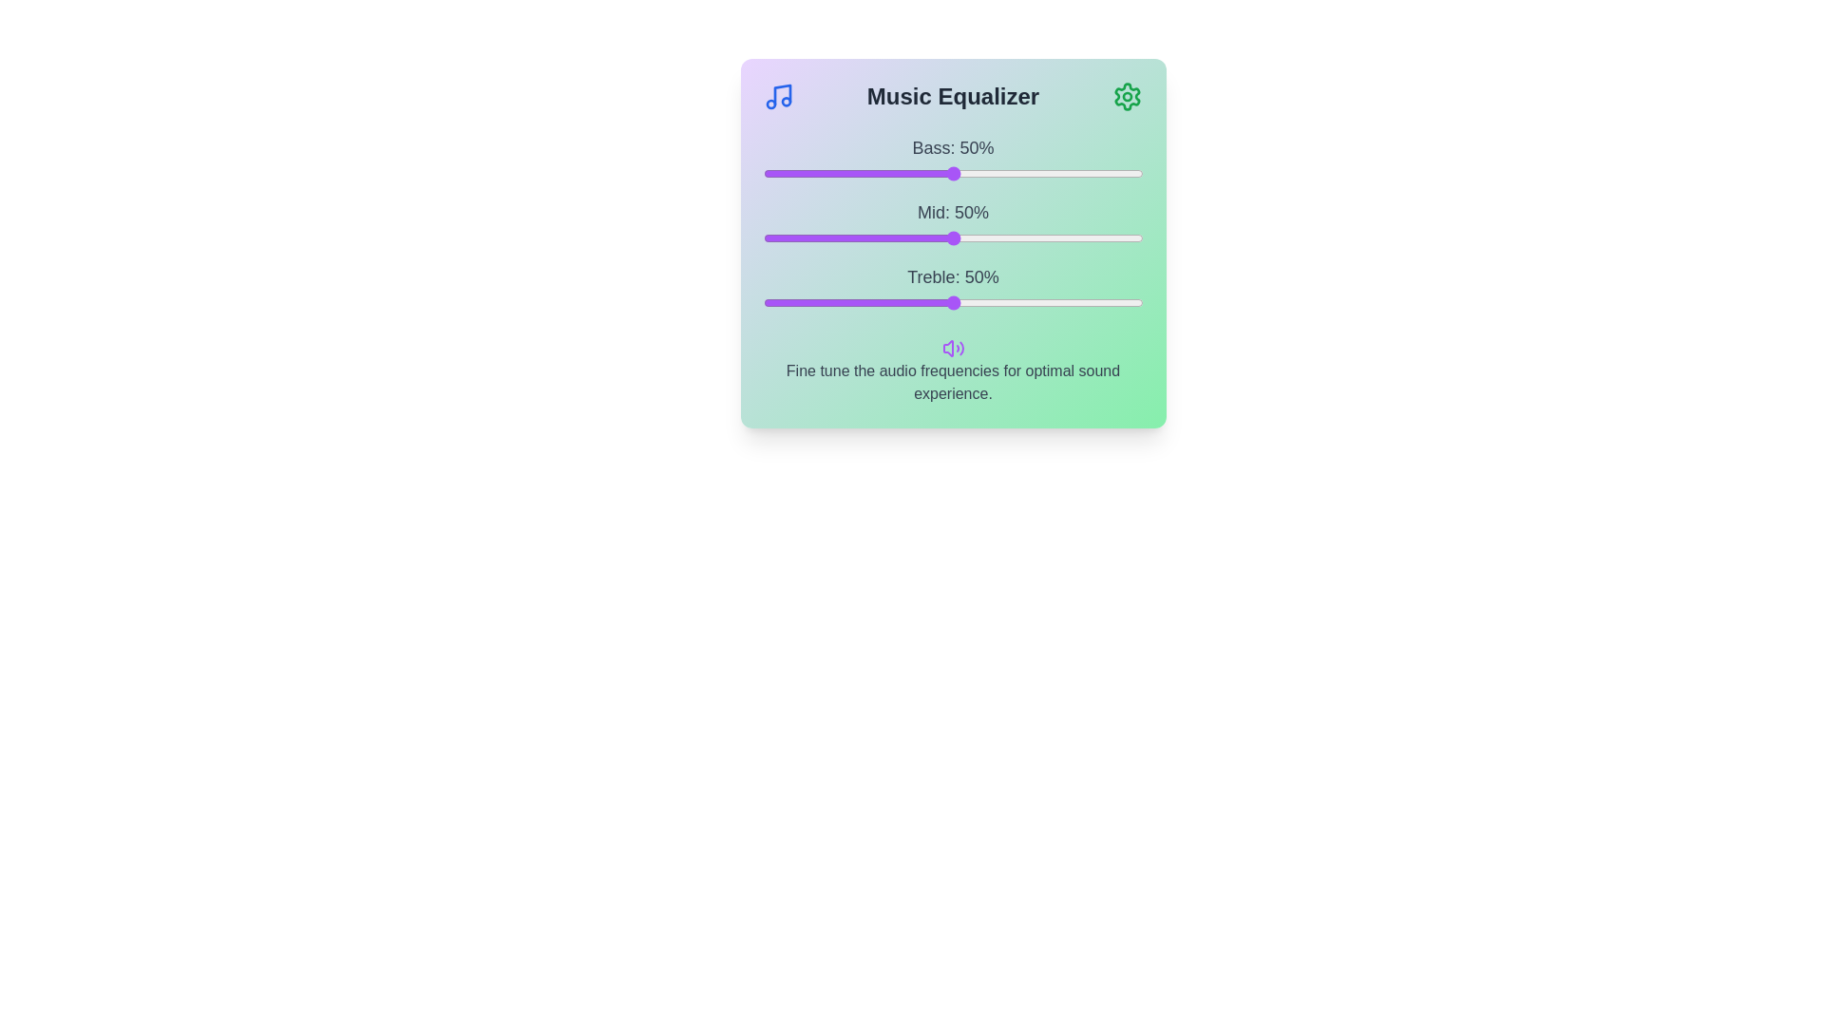  Describe the element at coordinates (1112, 237) in the screenshot. I see `the mid frequency slider to 92%` at that location.